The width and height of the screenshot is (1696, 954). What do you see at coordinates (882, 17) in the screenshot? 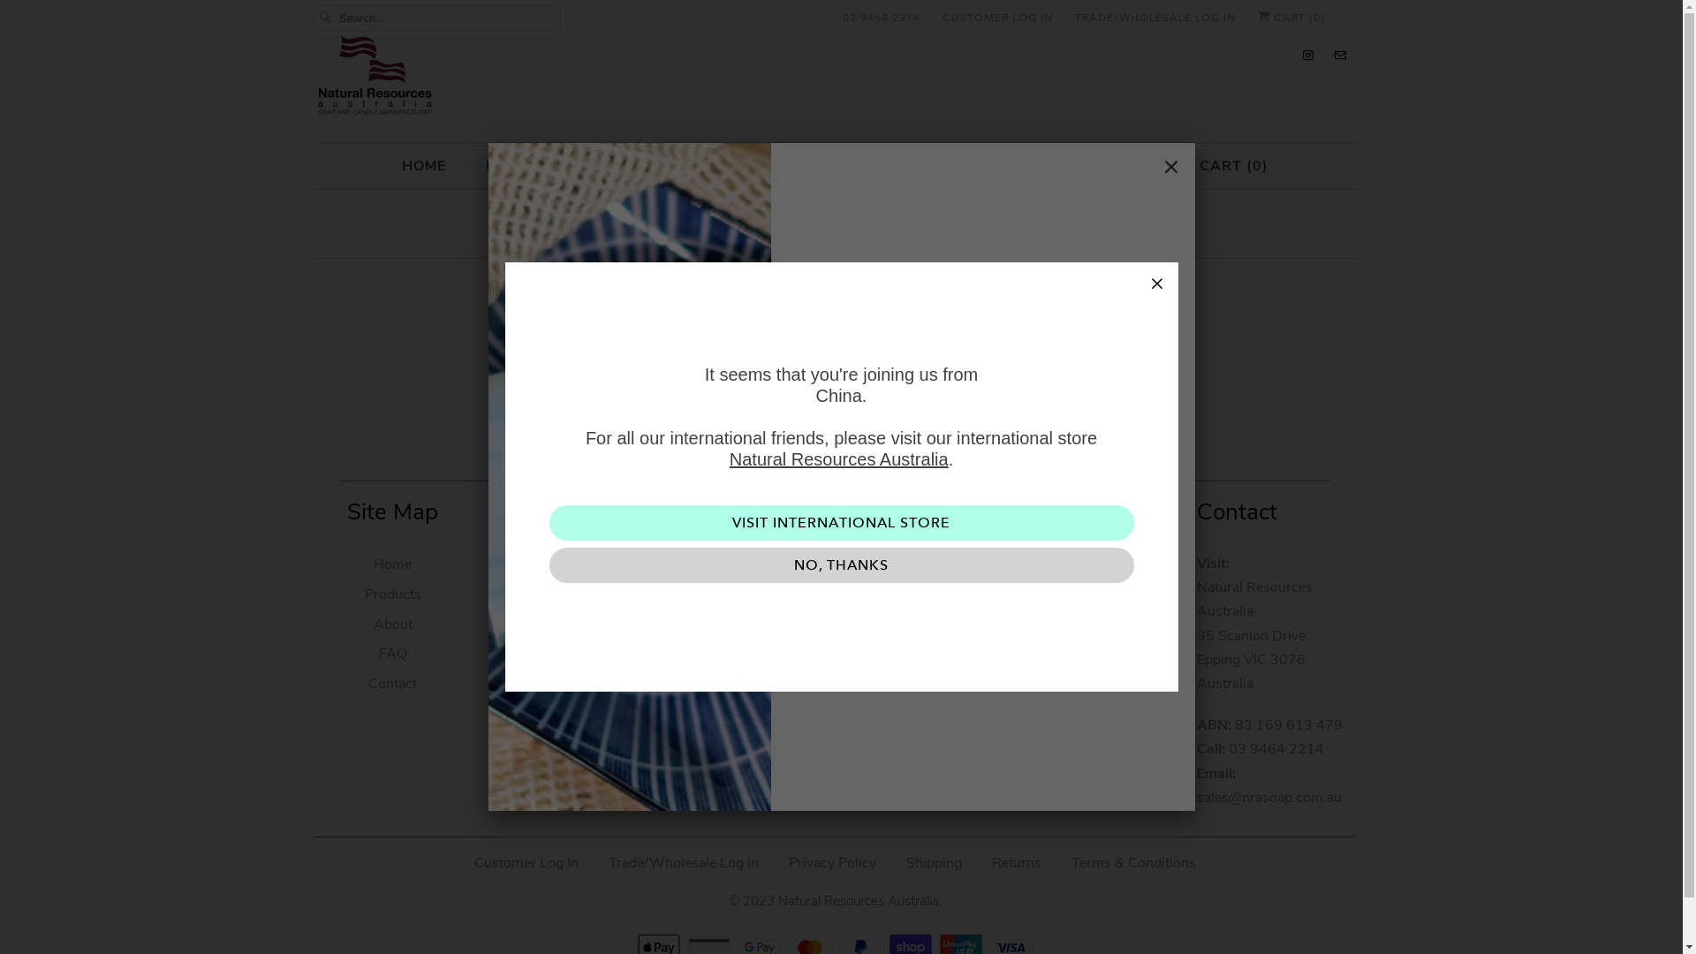
I see `'03 9464 2214'` at bounding box center [882, 17].